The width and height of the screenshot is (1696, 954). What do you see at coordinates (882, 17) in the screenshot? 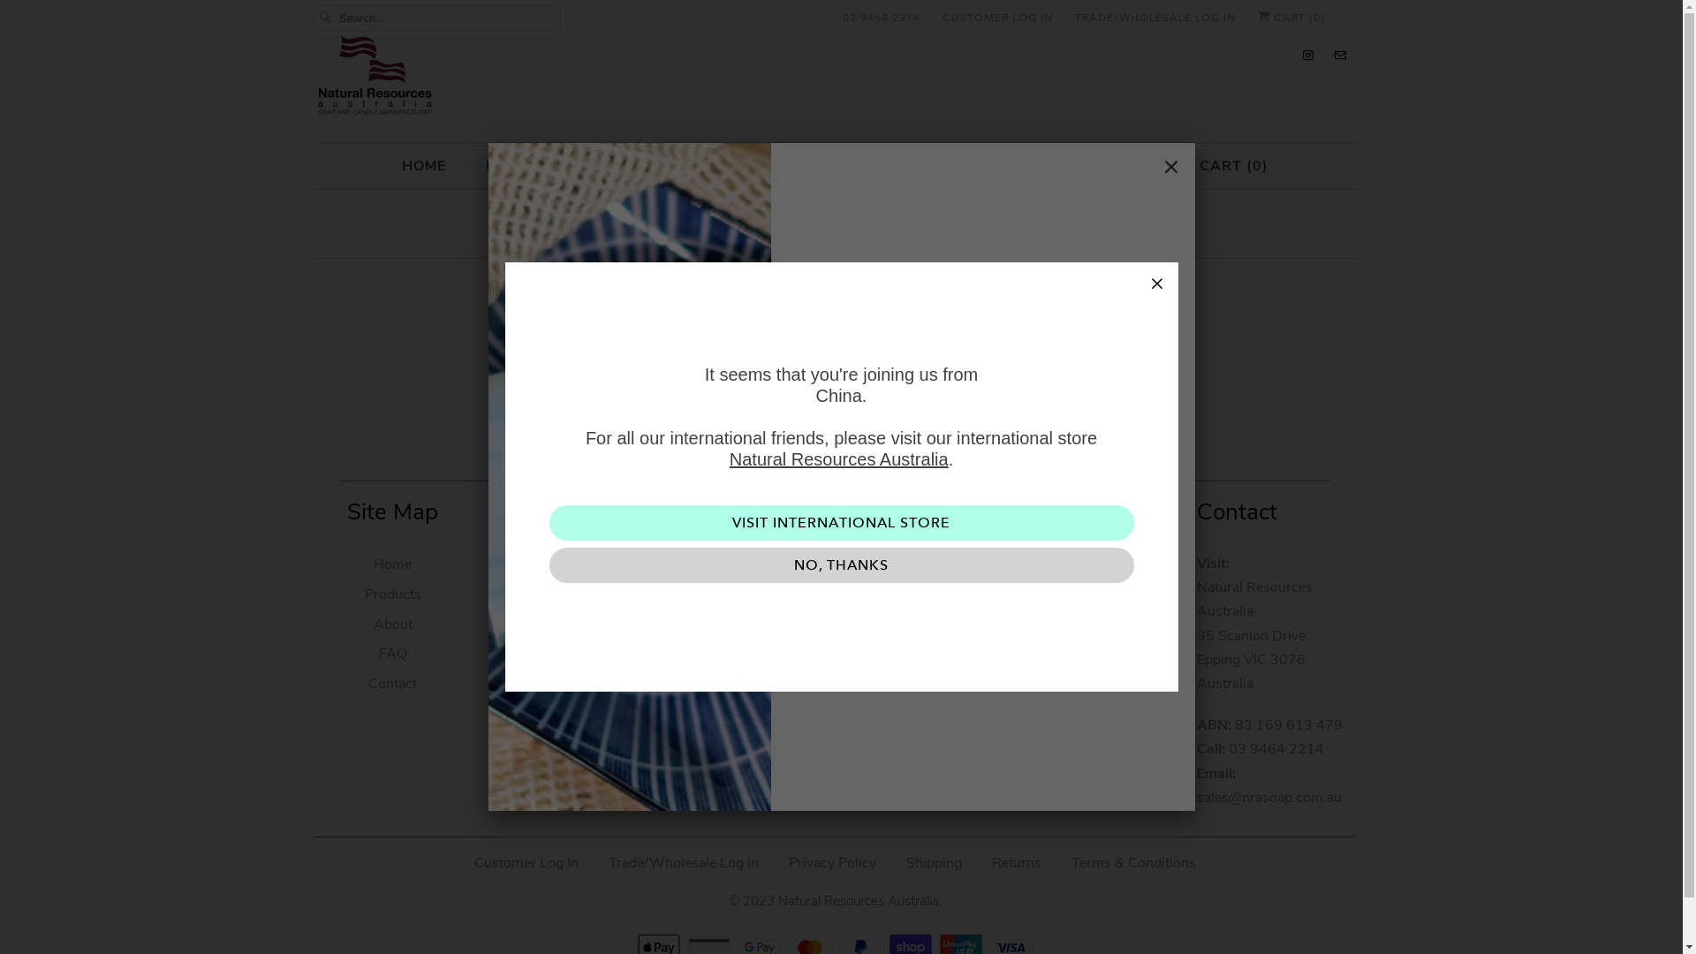
I see `'03 9464 2214'` at bounding box center [882, 17].